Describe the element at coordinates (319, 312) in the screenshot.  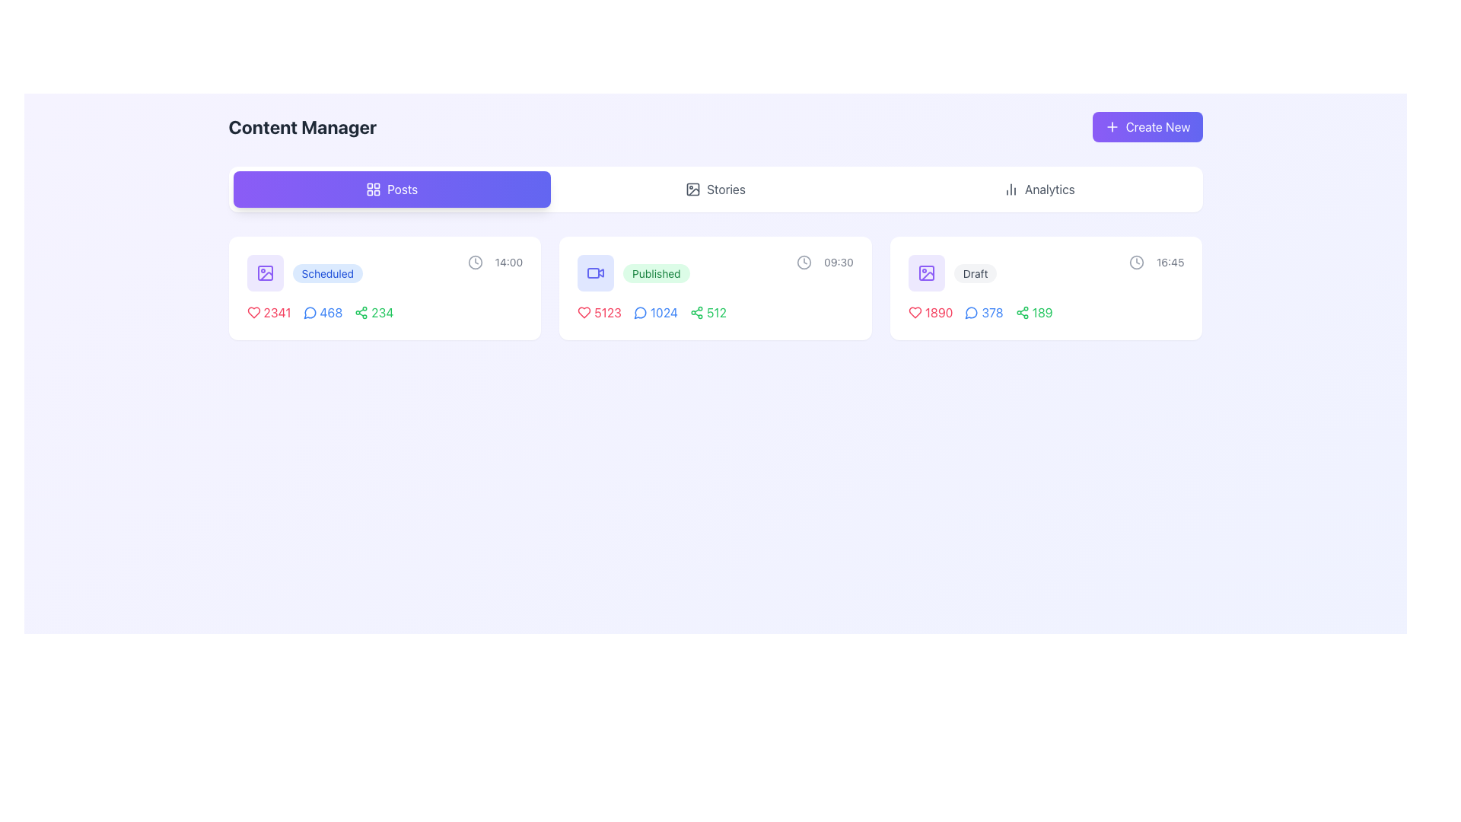
I see `the statistical indicator showing the number of messages or comments associated with the 'Scheduled' post` at that location.